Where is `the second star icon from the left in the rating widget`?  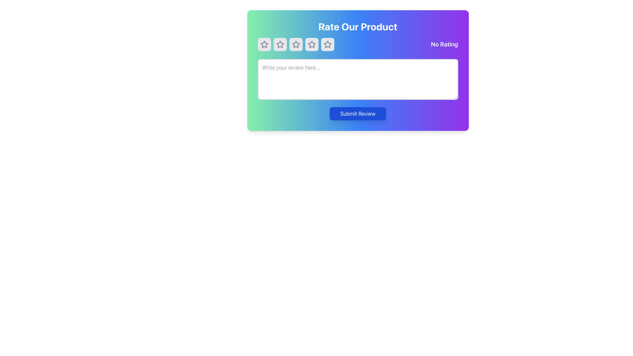 the second star icon from the left in the rating widget is located at coordinates (295, 44).